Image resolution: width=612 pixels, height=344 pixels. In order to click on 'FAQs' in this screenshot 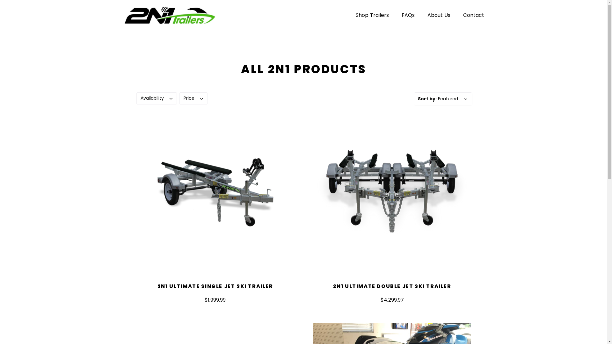, I will do `click(395, 15)`.